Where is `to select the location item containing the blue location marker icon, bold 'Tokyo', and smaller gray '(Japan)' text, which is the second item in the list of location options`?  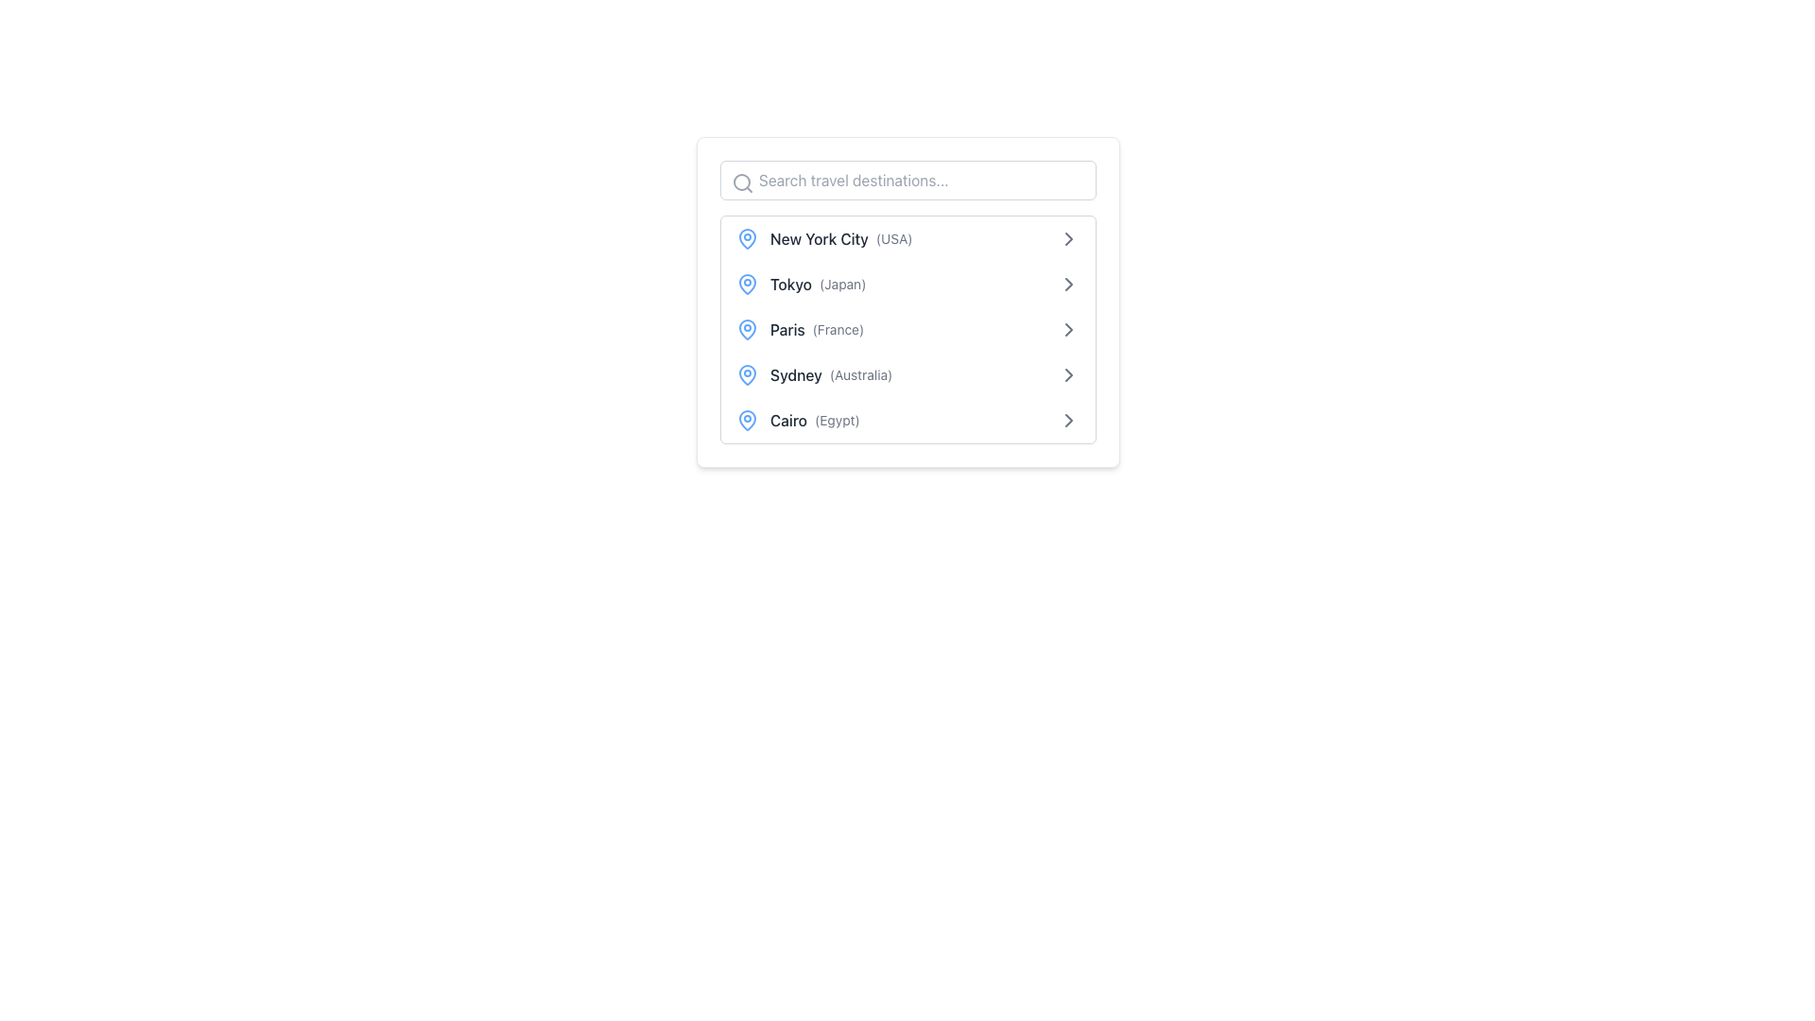 to select the location item containing the blue location marker icon, bold 'Tokyo', and smaller gray '(Japan)' text, which is the second item in the list of location options is located at coordinates (801, 284).